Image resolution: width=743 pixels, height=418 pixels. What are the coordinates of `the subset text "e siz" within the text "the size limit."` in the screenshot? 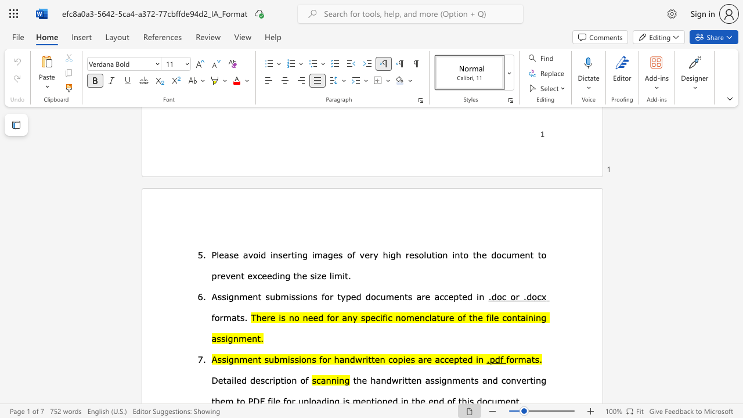 It's located at (302, 275).